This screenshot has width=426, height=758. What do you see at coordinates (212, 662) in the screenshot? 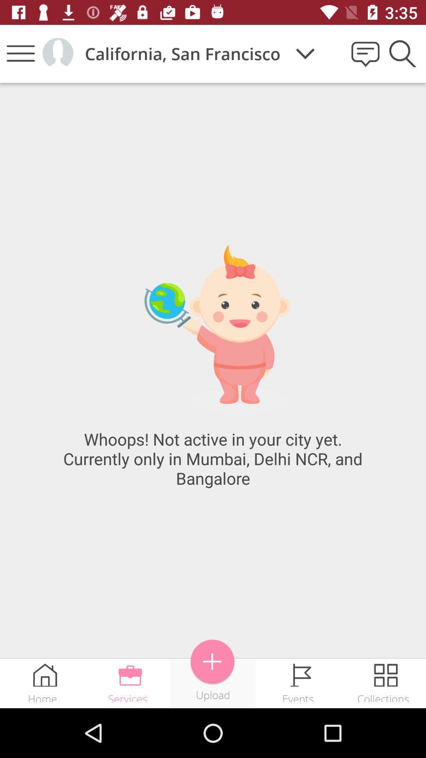
I see `to upload` at bounding box center [212, 662].